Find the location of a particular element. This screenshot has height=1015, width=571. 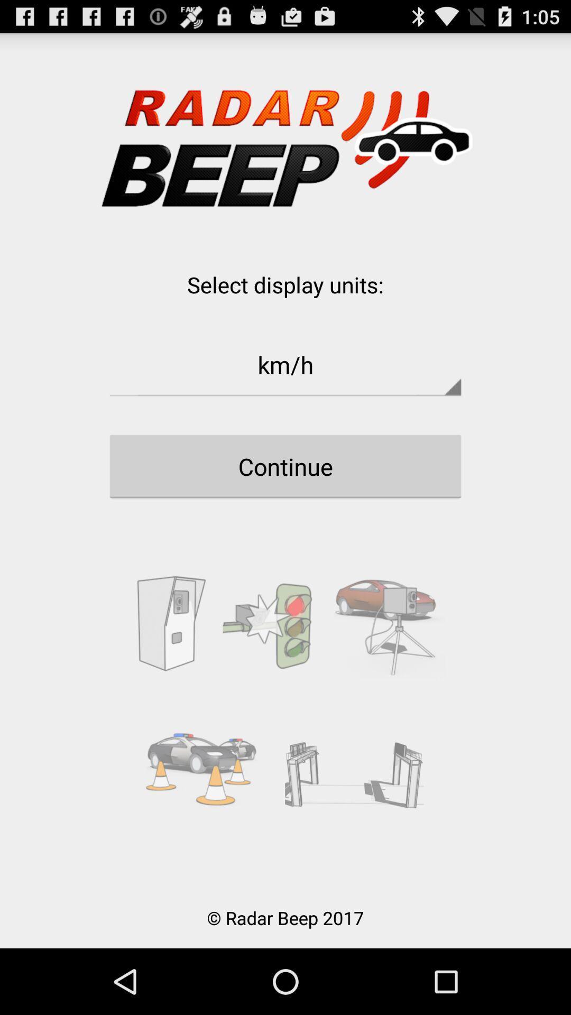

continue icon is located at coordinates (285, 466).